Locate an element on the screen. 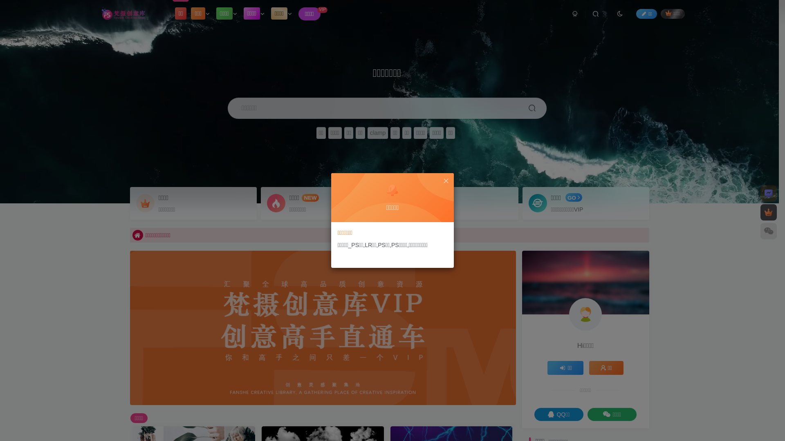 The height and width of the screenshot is (441, 785). 'clamp' is located at coordinates (377, 132).